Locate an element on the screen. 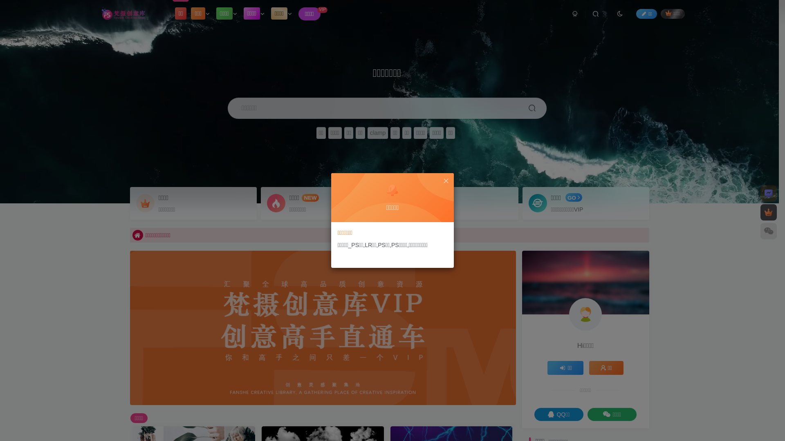 The height and width of the screenshot is (441, 785). 'clamp' is located at coordinates (377, 132).